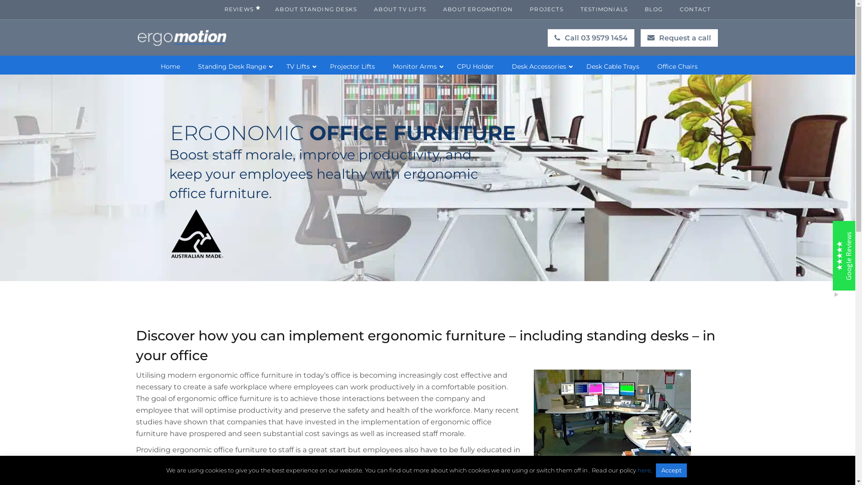 The width and height of the screenshot is (862, 485). What do you see at coordinates (677, 66) in the screenshot?
I see `'Office Chairs'` at bounding box center [677, 66].